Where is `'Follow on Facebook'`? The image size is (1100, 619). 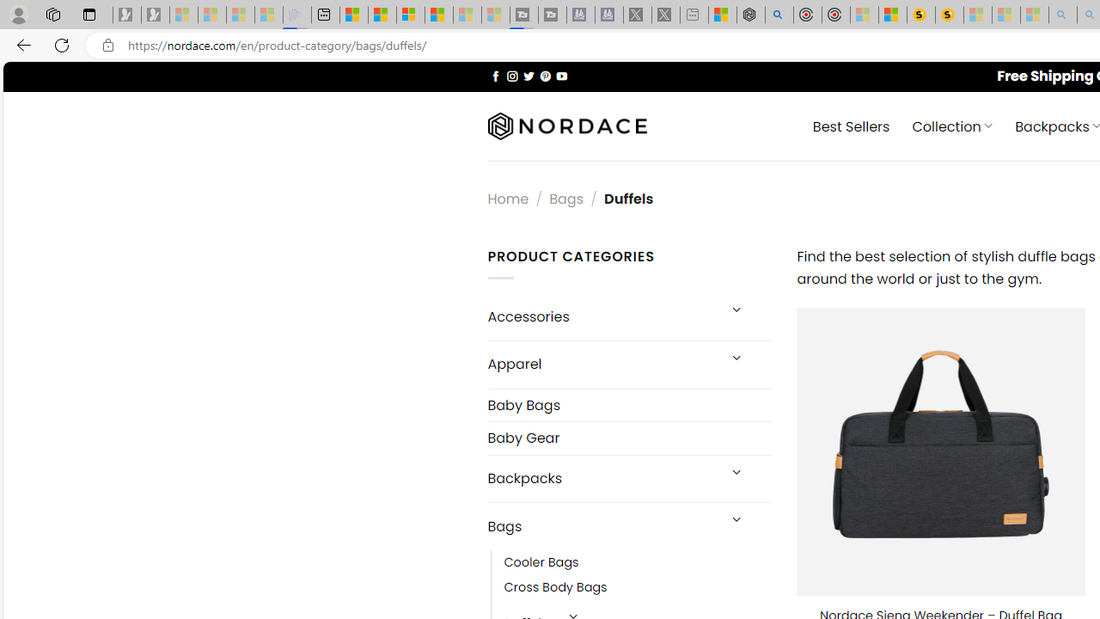 'Follow on Facebook' is located at coordinates (495, 75).